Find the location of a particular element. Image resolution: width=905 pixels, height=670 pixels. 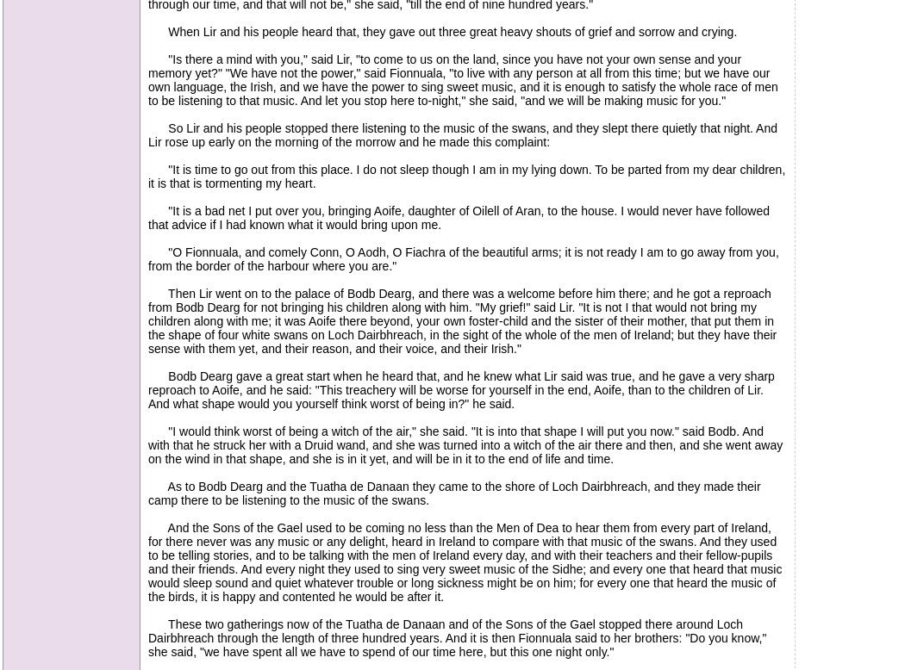

'"I would think worst of being a witch of the air," she said. "It is into that shape I will put you now." said Bodb. And with that he struck her with a Druid wand, and she was turned into a witch of the air there and then, and she went away on the wind in that shape, and she is in it yet, and will be in it to the end of life and time.' is located at coordinates (147, 444).